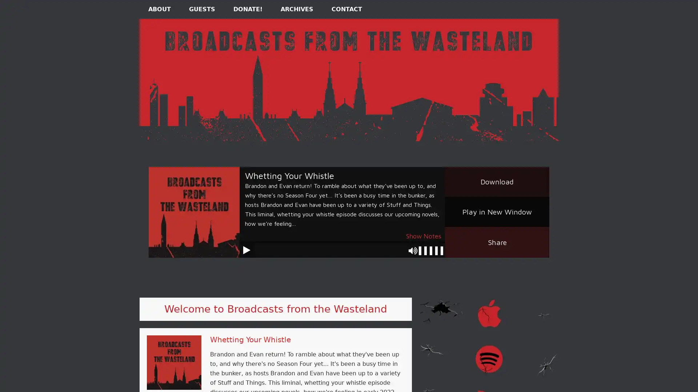 The image size is (698, 392). What do you see at coordinates (413, 250) in the screenshot?
I see `Mute` at bounding box center [413, 250].